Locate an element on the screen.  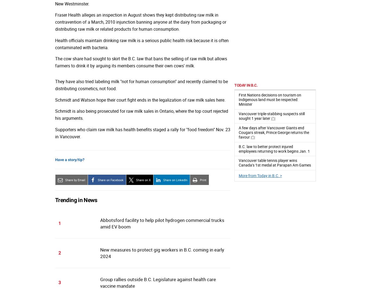
'Share on LinkedIn' is located at coordinates (175, 180).